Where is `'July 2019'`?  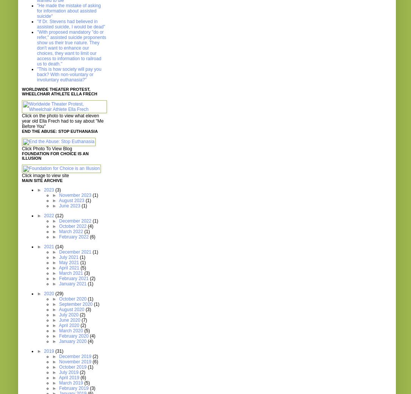 'July 2019' is located at coordinates (69, 372).